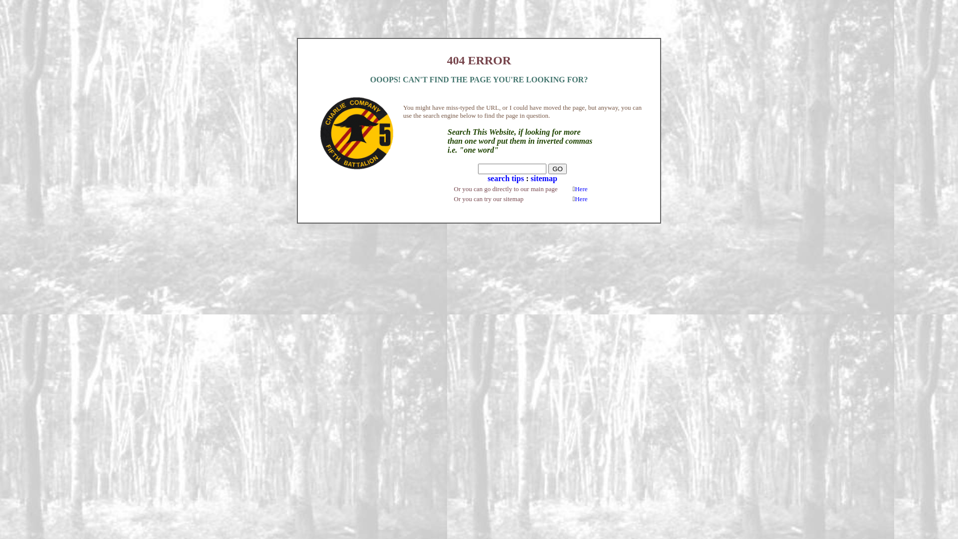 The height and width of the screenshot is (539, 958). Describe the element at coordinates (557, 168) in the screenshot. I see `'GO'` at that location.